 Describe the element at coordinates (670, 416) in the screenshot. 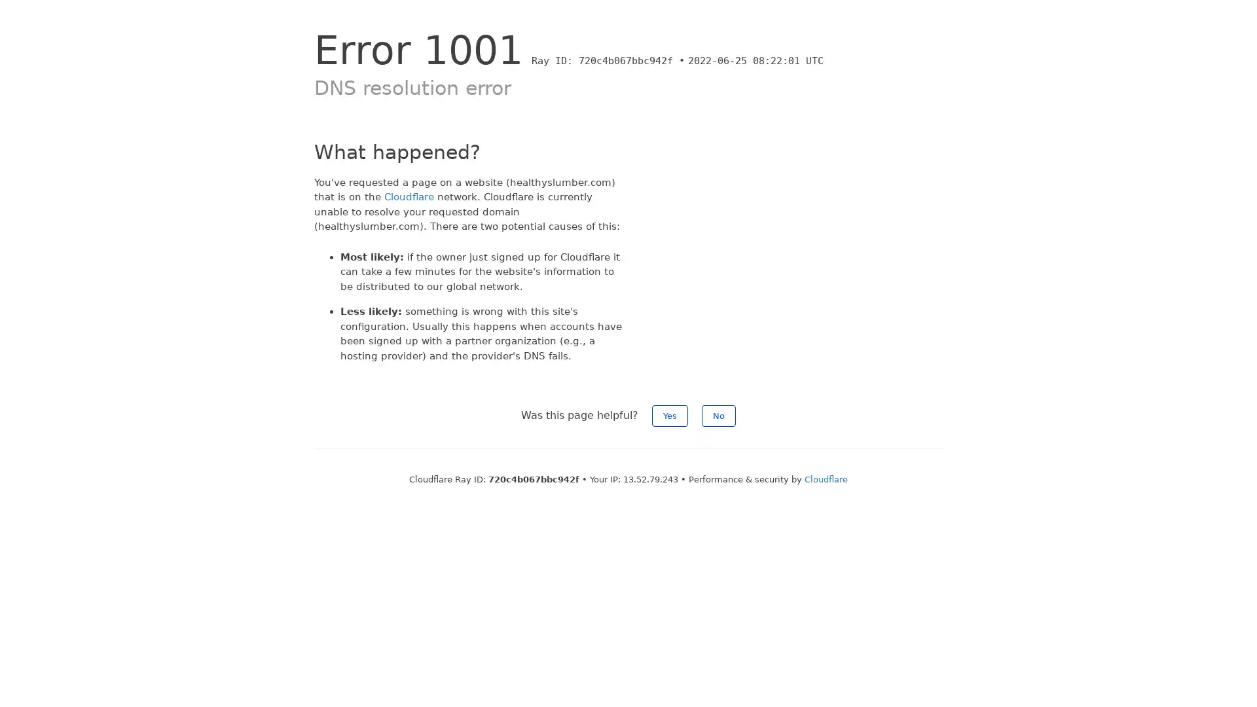

I see `Yes` at that location.